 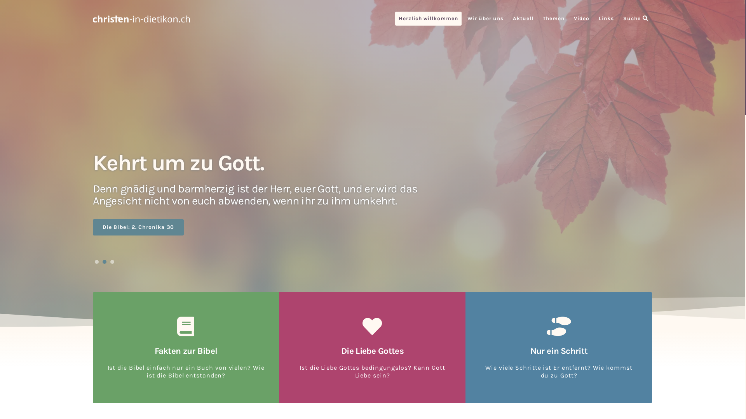 I want to click on 'Aktuell', so click(x=523, y=18).